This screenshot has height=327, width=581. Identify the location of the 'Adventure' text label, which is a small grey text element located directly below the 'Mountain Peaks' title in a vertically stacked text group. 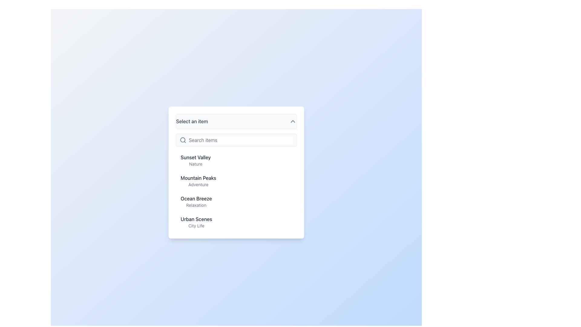
(198, 184).